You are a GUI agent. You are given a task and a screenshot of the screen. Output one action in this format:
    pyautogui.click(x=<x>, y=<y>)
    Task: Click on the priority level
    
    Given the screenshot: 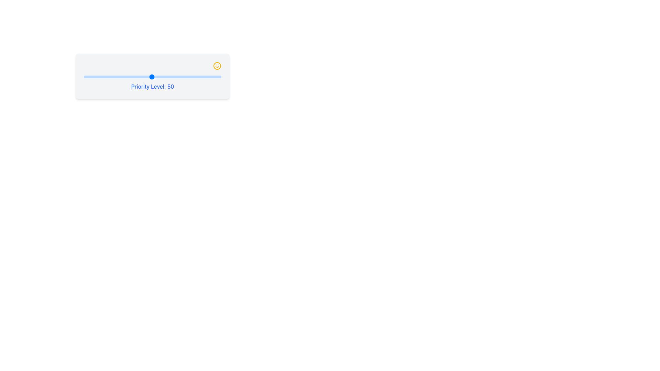 What is the action you would take?
    pyautogui.click(x=211, y=77)
    